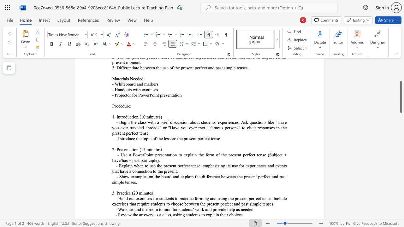 The height and width of the screenshot is (227, 404). I want to click on the 2th character "v" in the text, so click(125, 171).